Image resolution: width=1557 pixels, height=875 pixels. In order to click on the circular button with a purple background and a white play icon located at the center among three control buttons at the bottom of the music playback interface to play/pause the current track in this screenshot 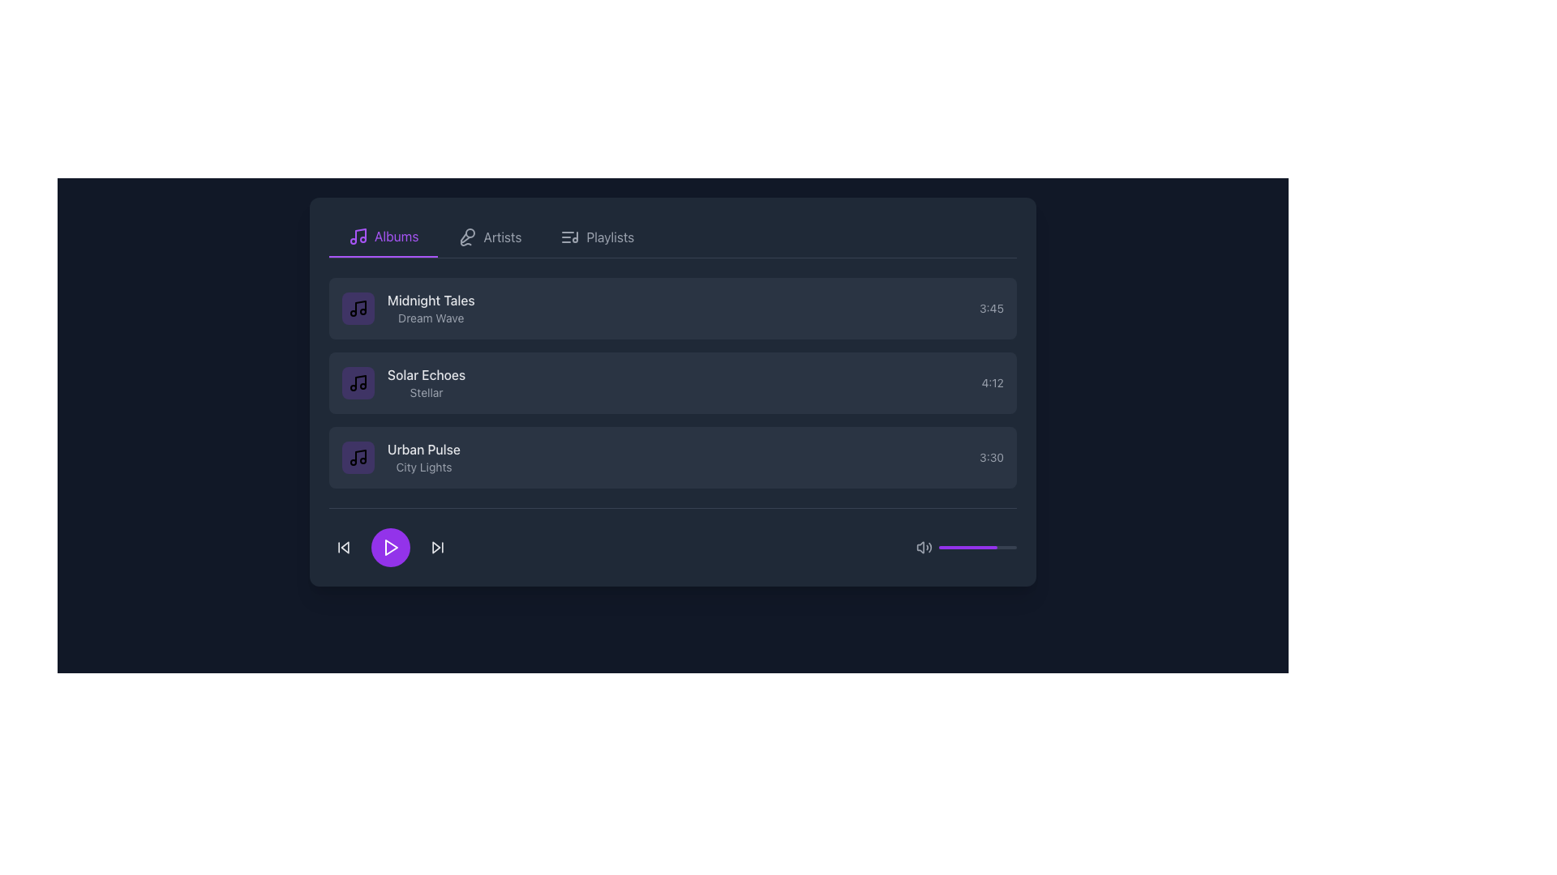, I will do `click(390, 547)`.